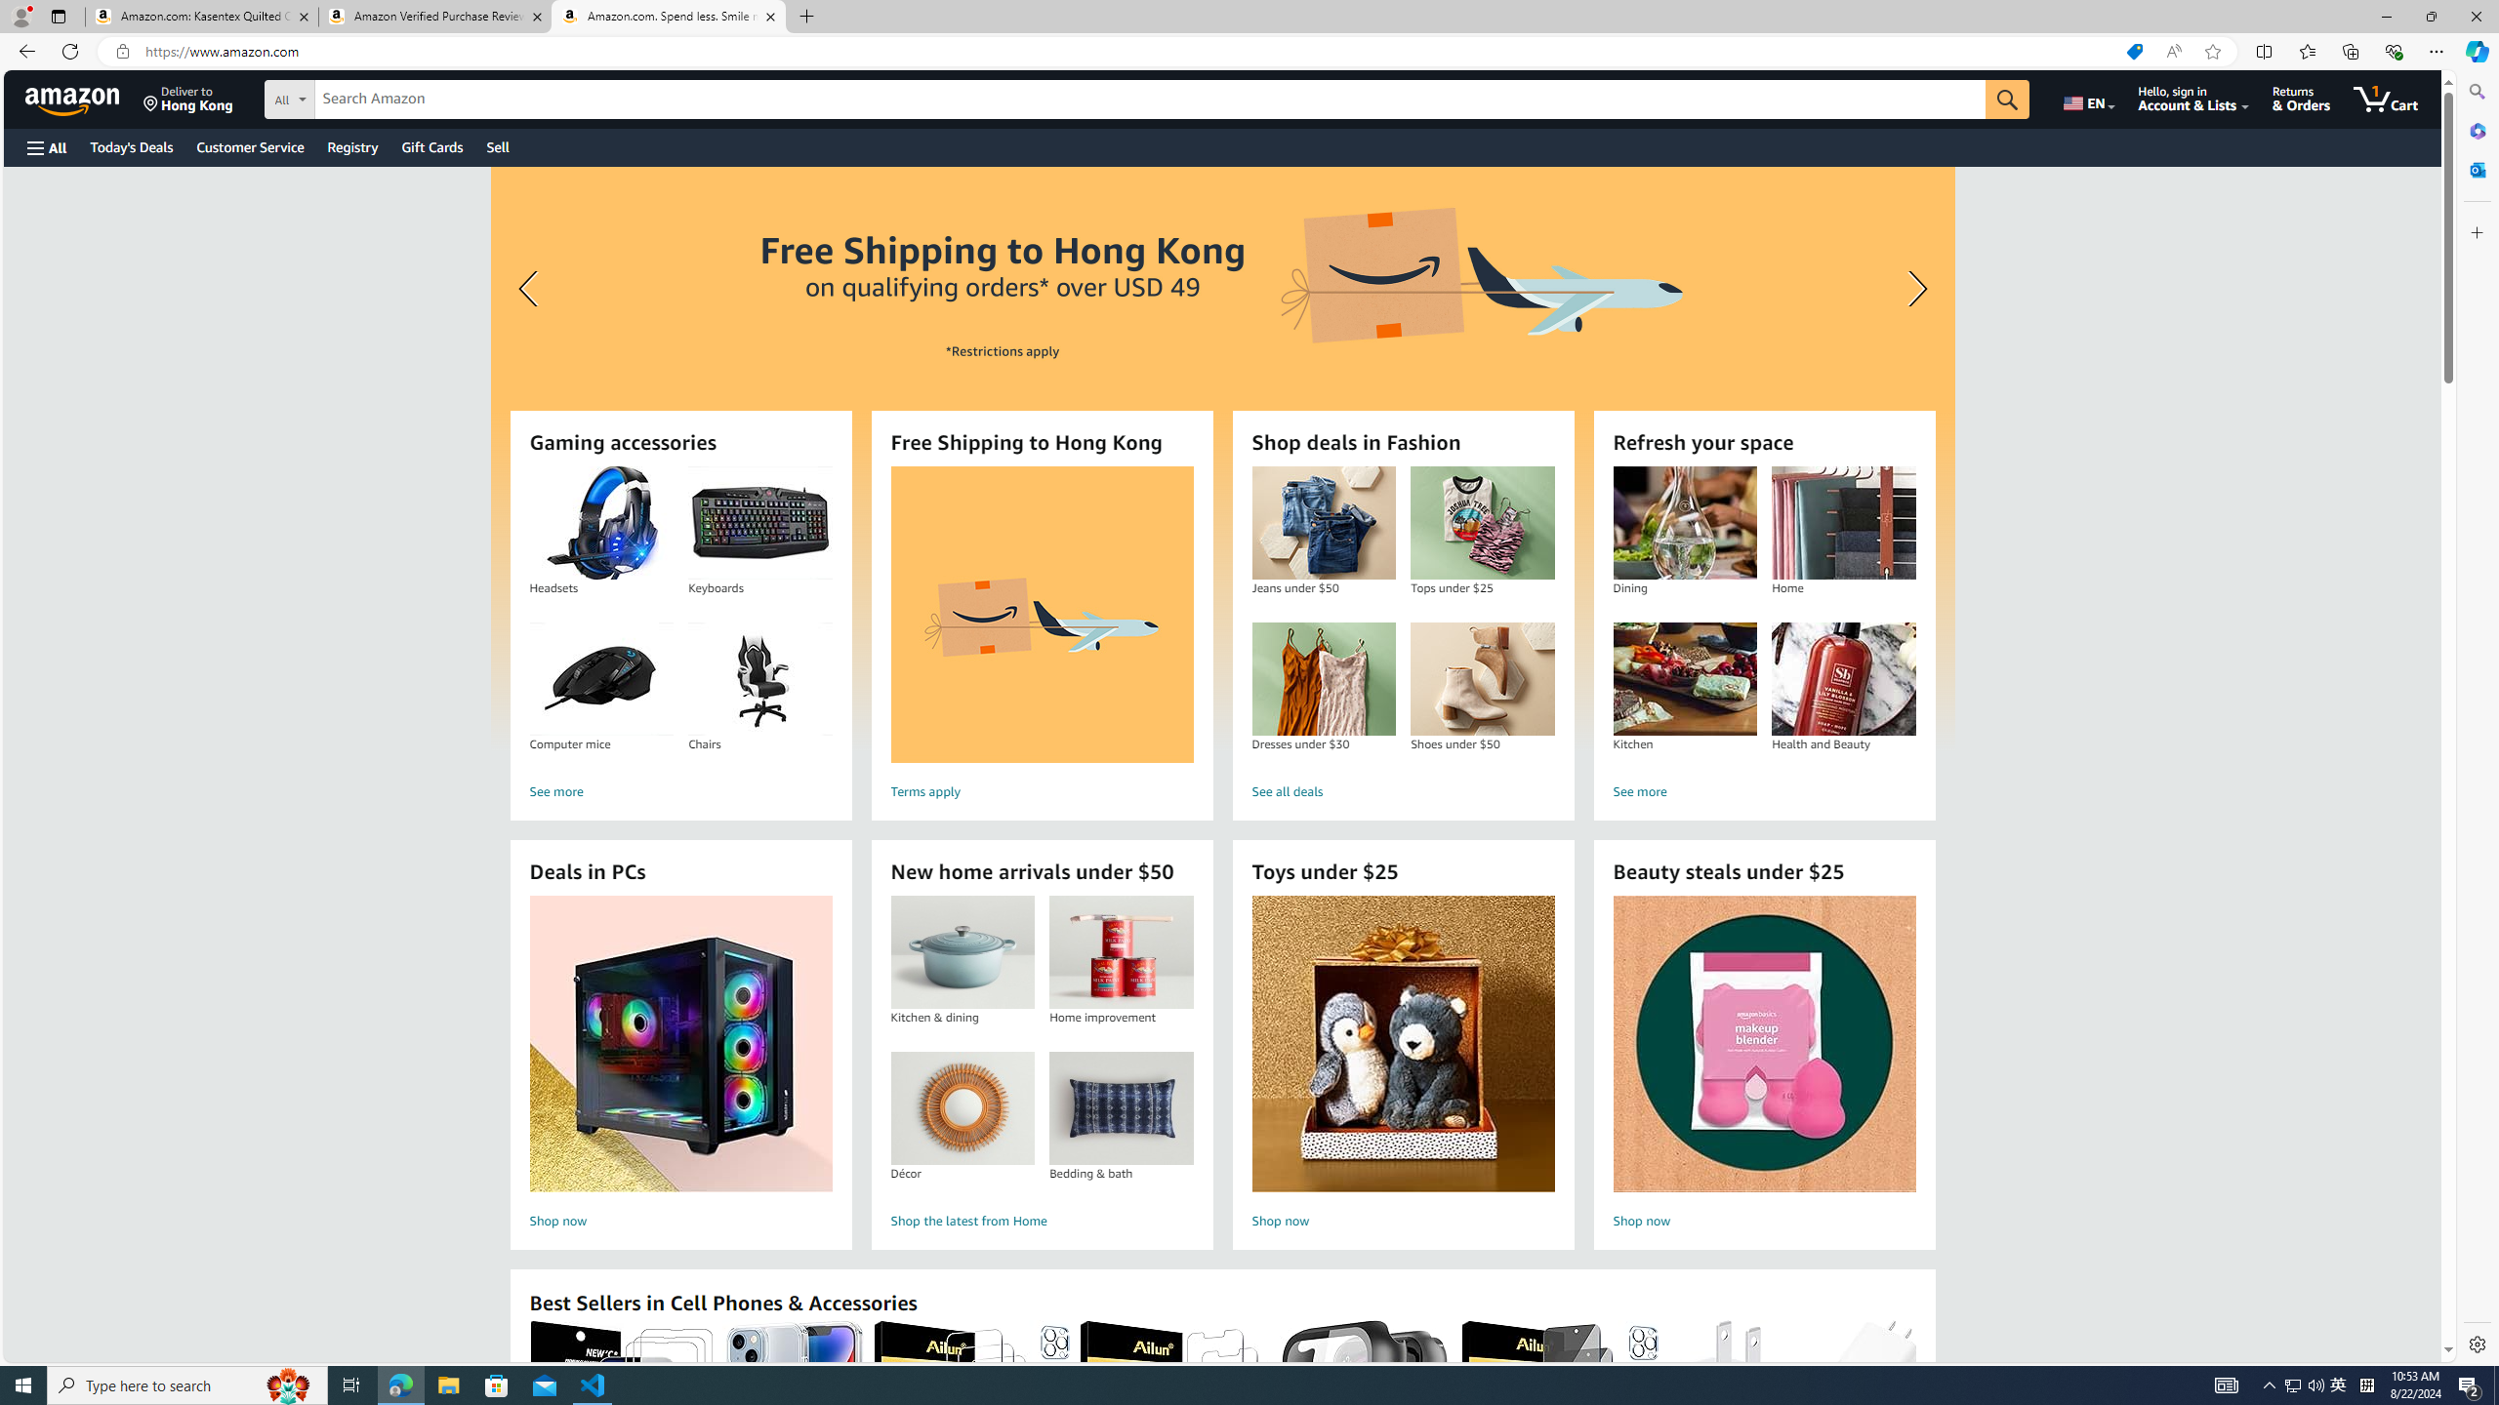  What do you see at coordinates (1481, 523) in the screenshot?
I see `'Tops under $25'` at bounding box center [1481, 523].